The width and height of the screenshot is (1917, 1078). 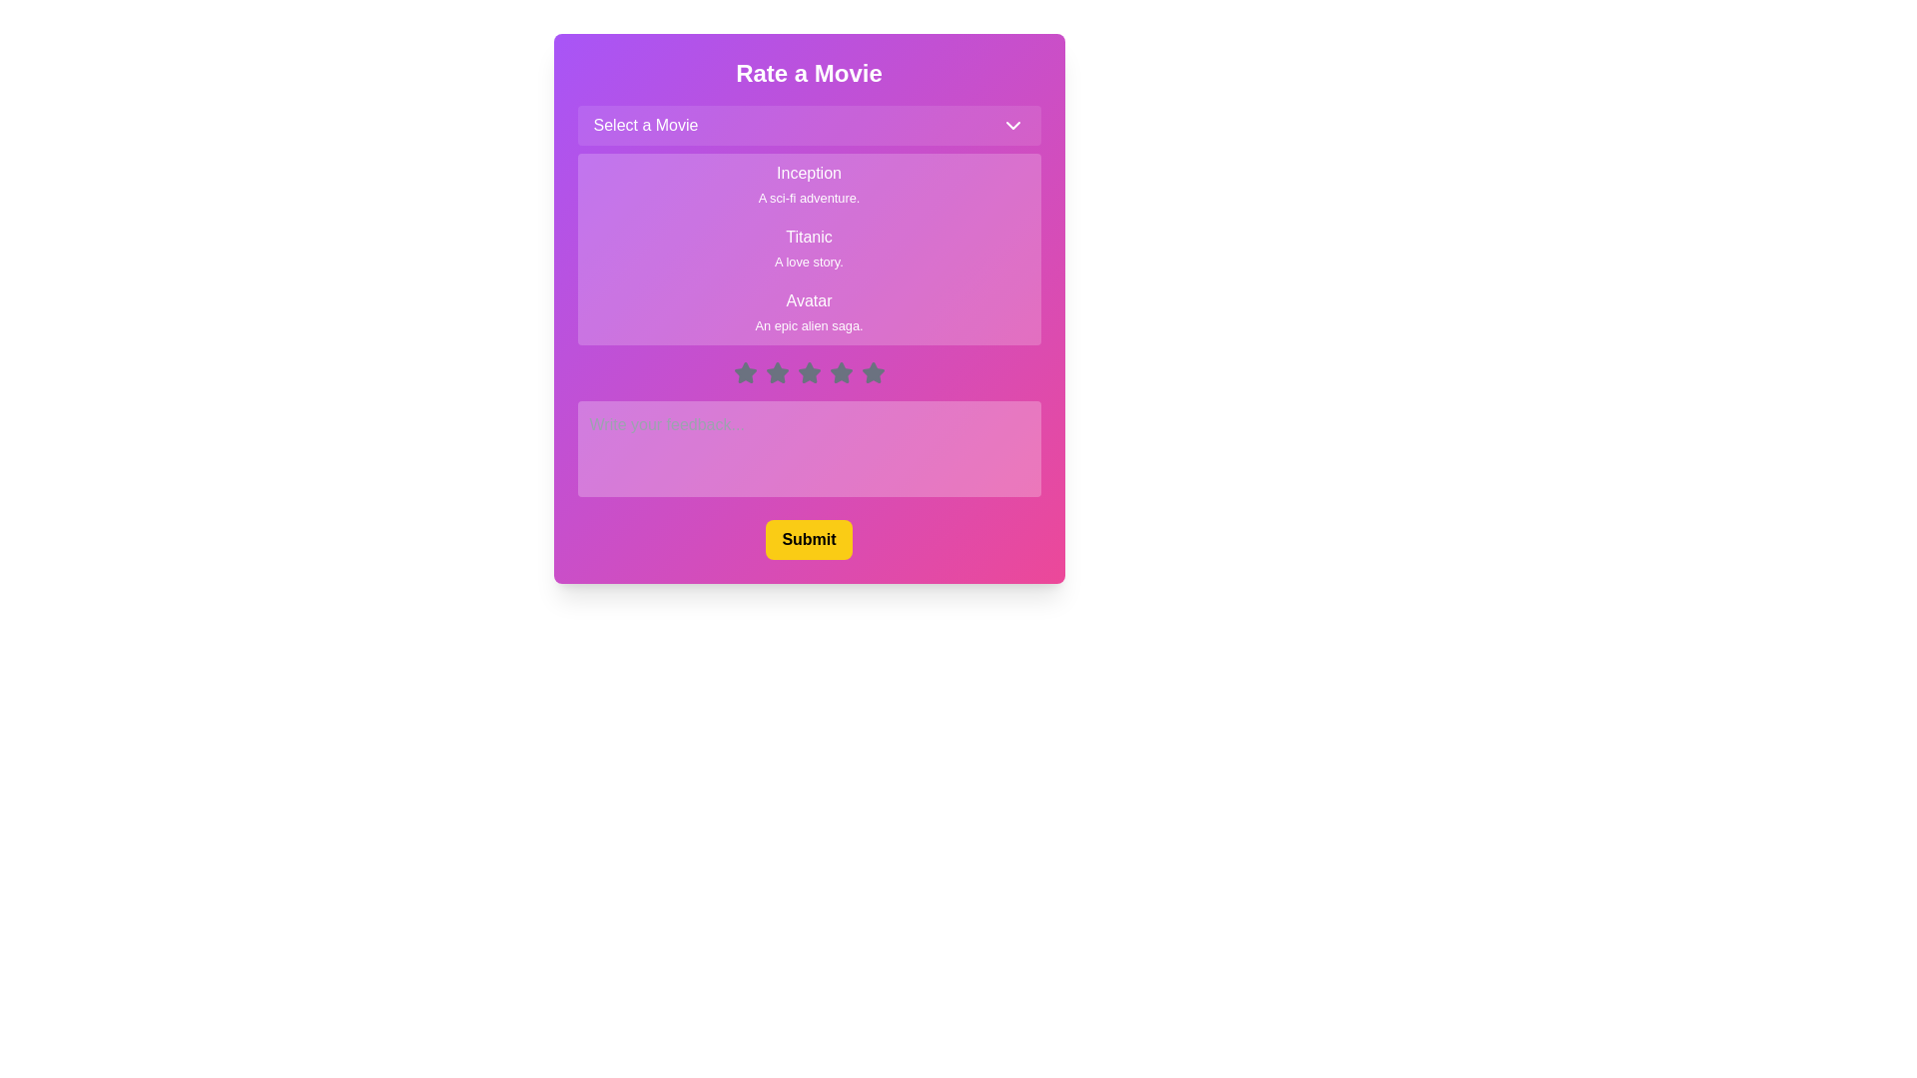 I want to click on the fourth star-shaped icon in the rating control, so click(x=841, y=372).